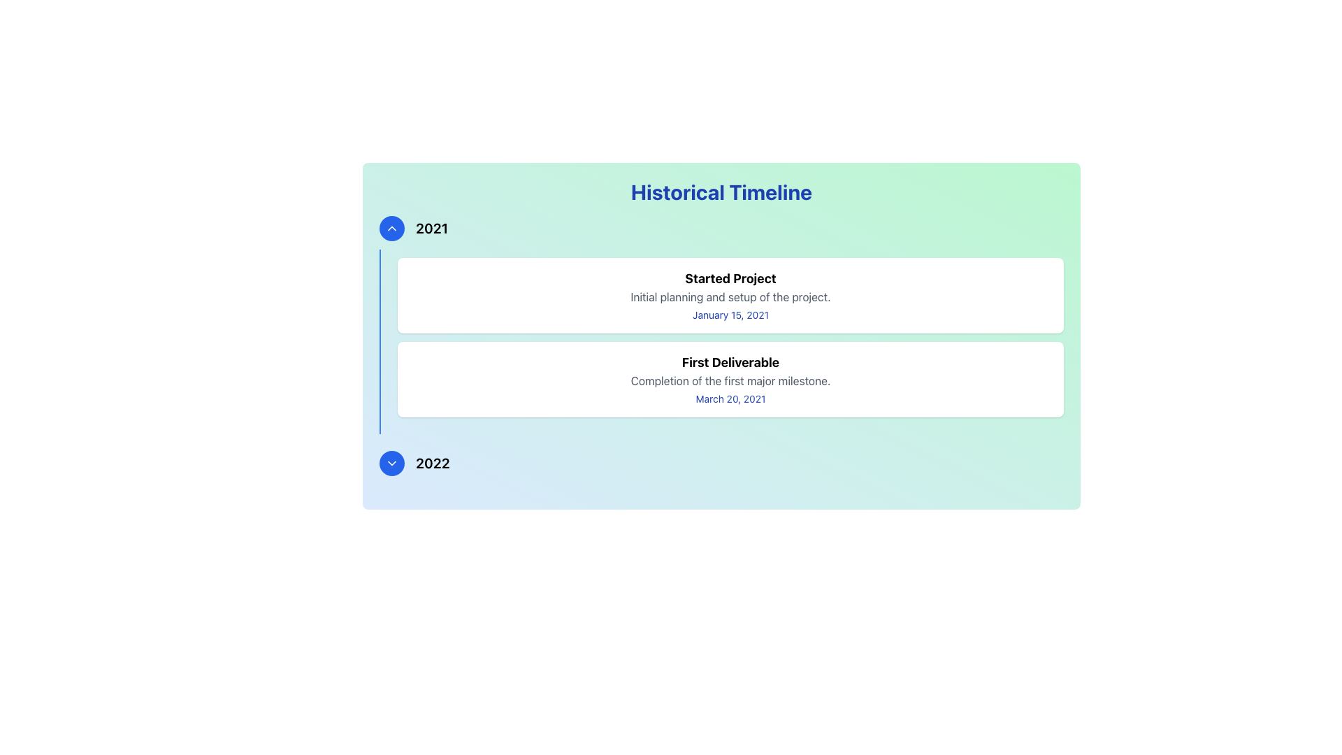 The width and height of the screenshot is (1342, 755). I want to click on the date text 'January 15, 2021' which is displayed in small, blue text under the title 'Started Project' and the description 'Initial planning and setup of the project.' within the card layout, so click(730, 315).